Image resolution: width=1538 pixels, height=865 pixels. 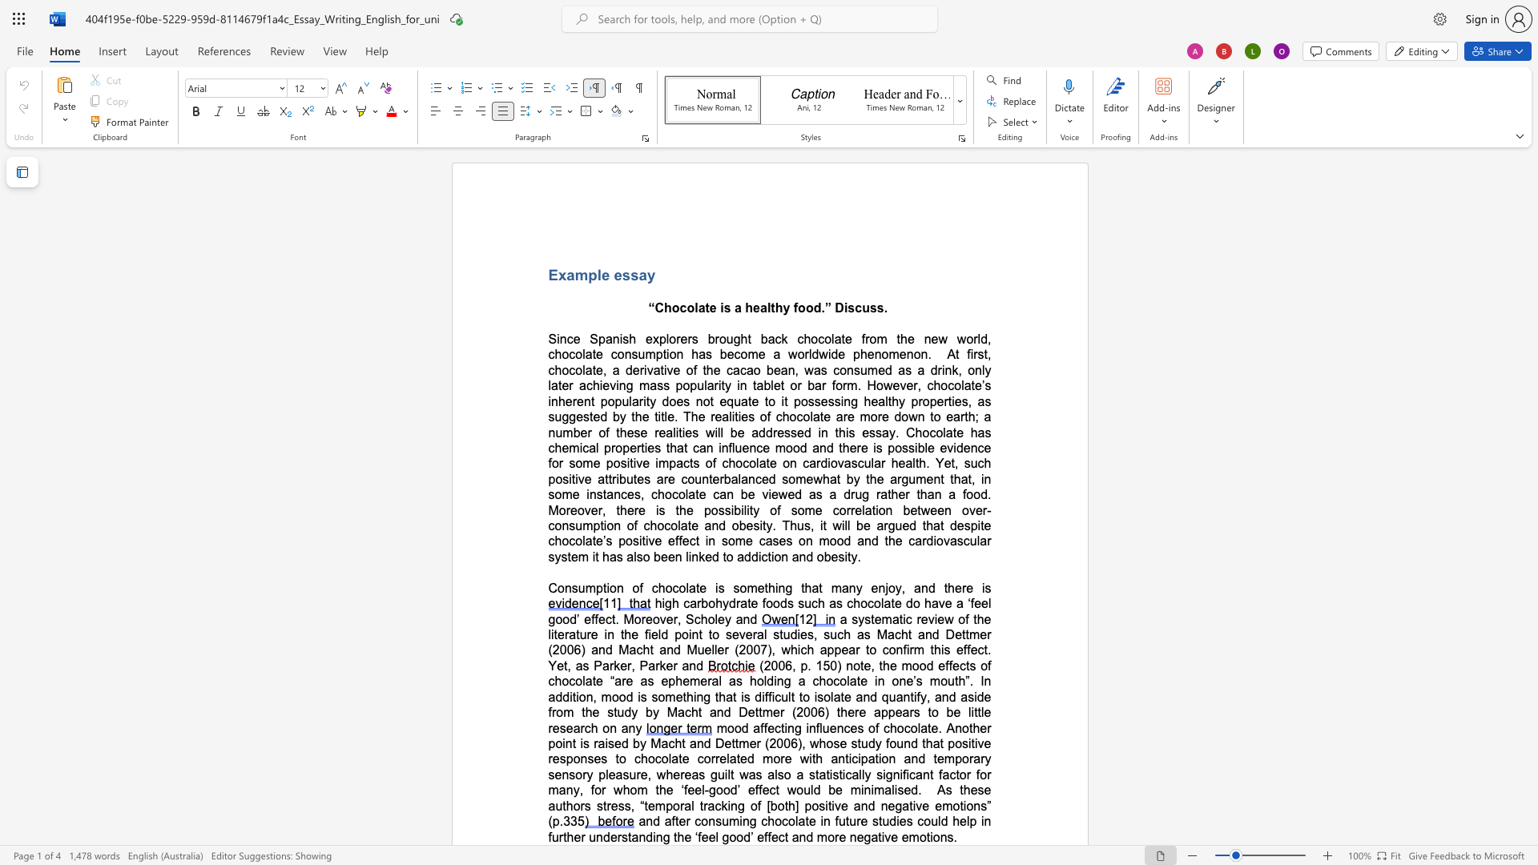 What do you see at coordinates (672, 588) in the screenshot?
I see `the space between the continuous character "o" and "c" in the text` at bounding box center [672, 588].